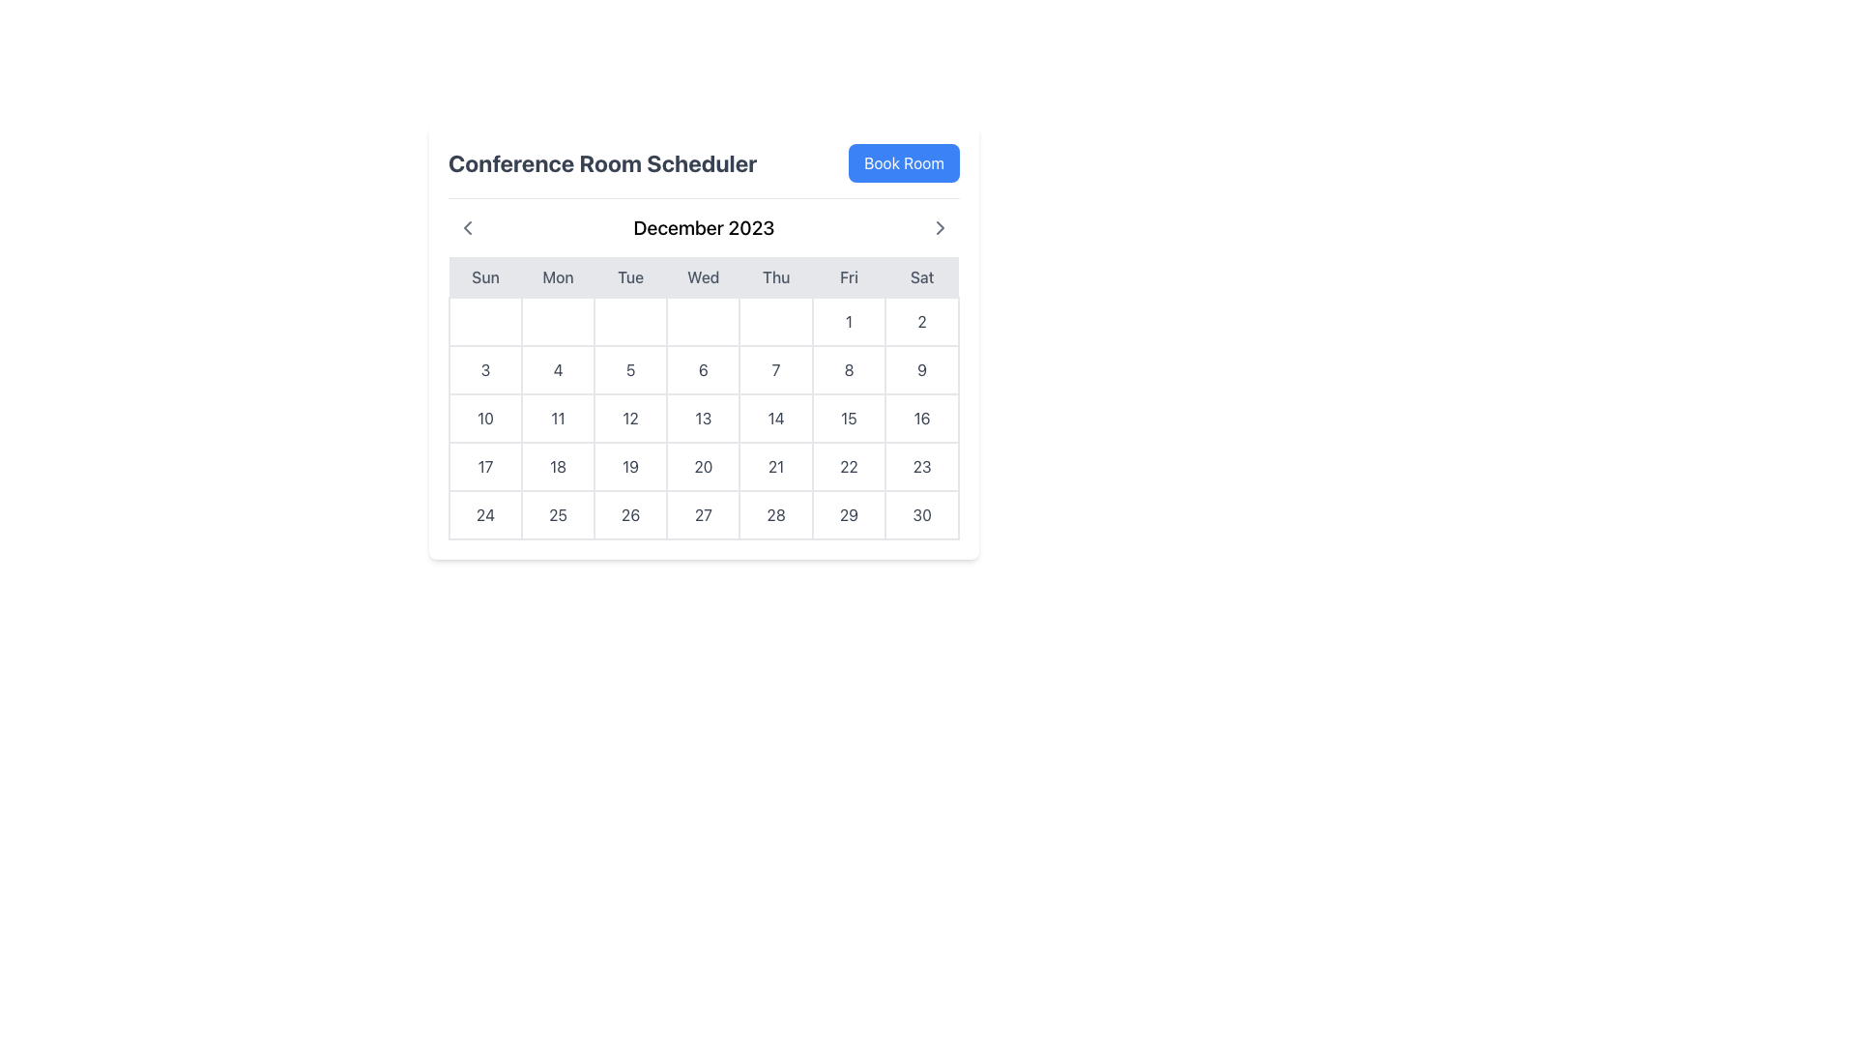 The height and width of the screenshot is (1044, 1856). Describe the element at coordinates (557, 466) in the screenshot. I see `the day selector button for the 18th day of December 2023 in the calendar grid` at that location.